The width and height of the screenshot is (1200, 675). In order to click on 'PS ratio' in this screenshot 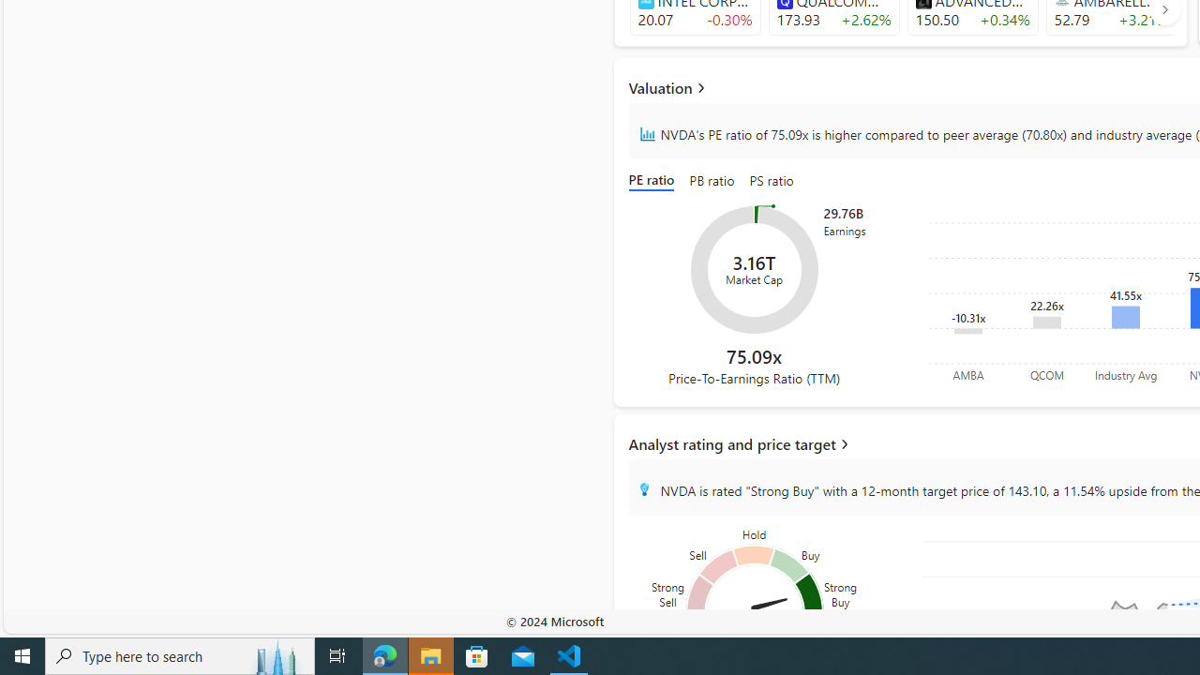, I will do `click(772, 182)`.